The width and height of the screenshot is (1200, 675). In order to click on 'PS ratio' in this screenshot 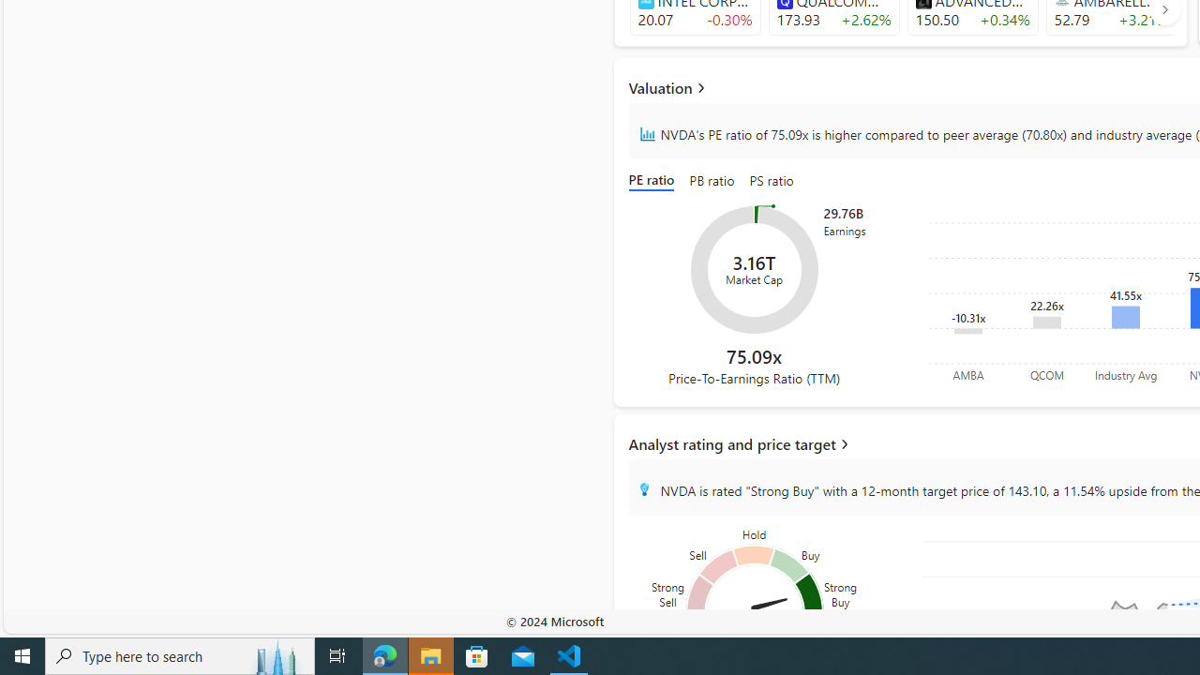, I will do `click(772, 182)`.